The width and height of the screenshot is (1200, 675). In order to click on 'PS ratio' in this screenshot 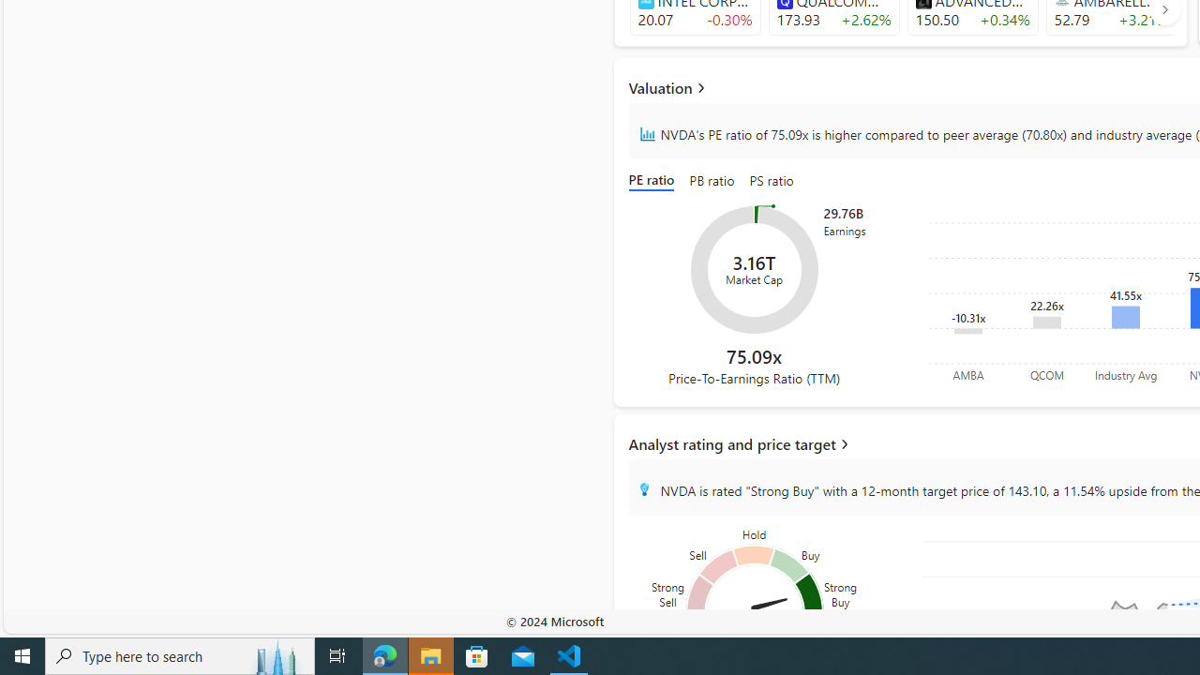, I will do `click(772, 182)`.